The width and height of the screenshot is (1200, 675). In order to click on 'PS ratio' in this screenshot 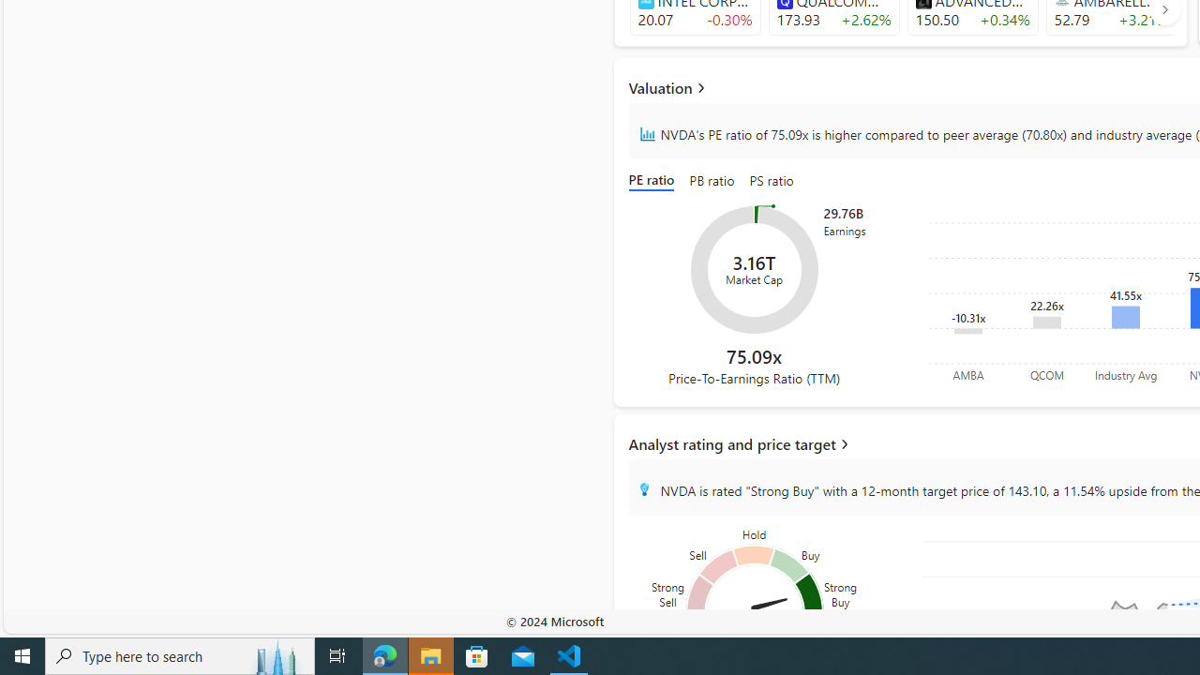, I will do `click(772, 182)`.